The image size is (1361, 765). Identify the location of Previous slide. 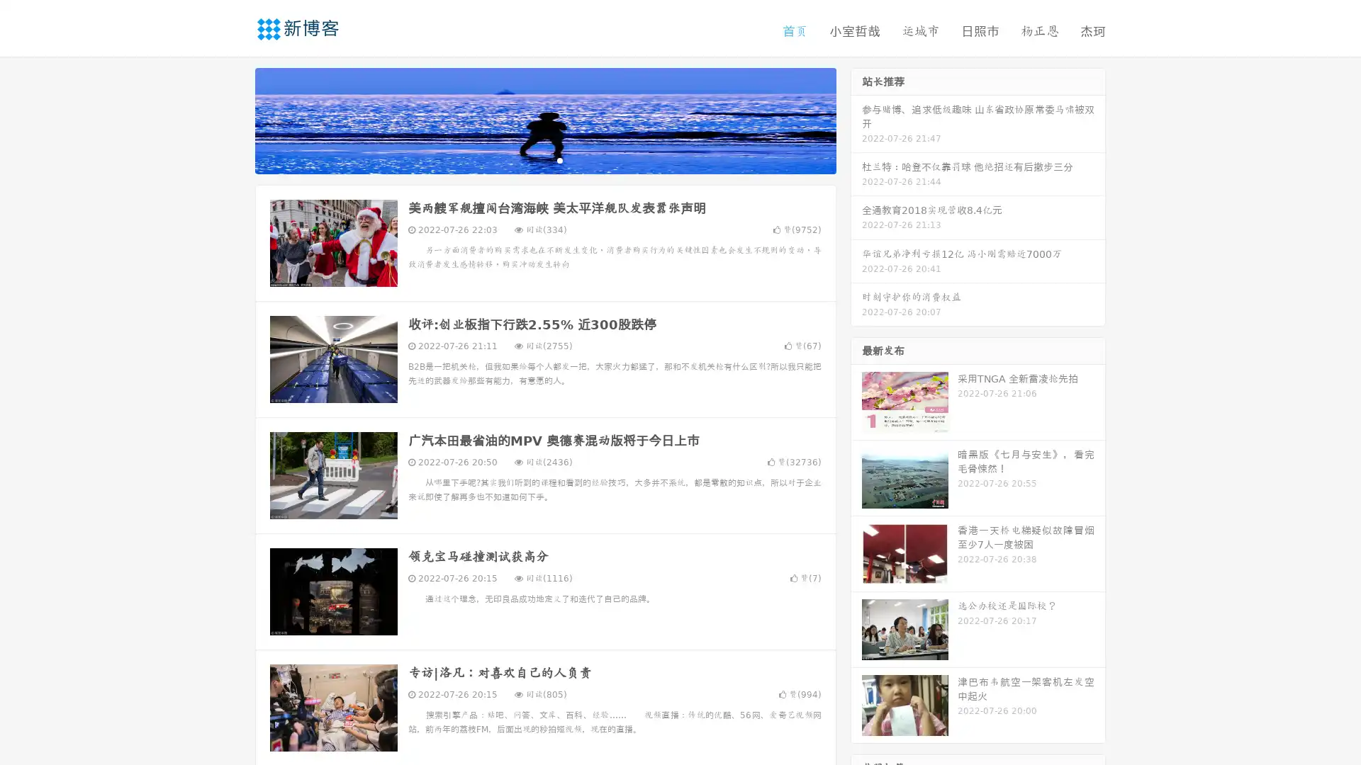
(234, 119).